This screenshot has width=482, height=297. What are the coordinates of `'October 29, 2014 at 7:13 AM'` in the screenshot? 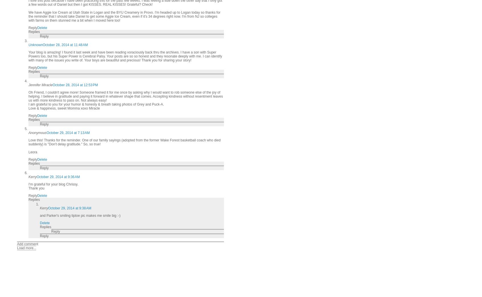 It's located at (68, 133).